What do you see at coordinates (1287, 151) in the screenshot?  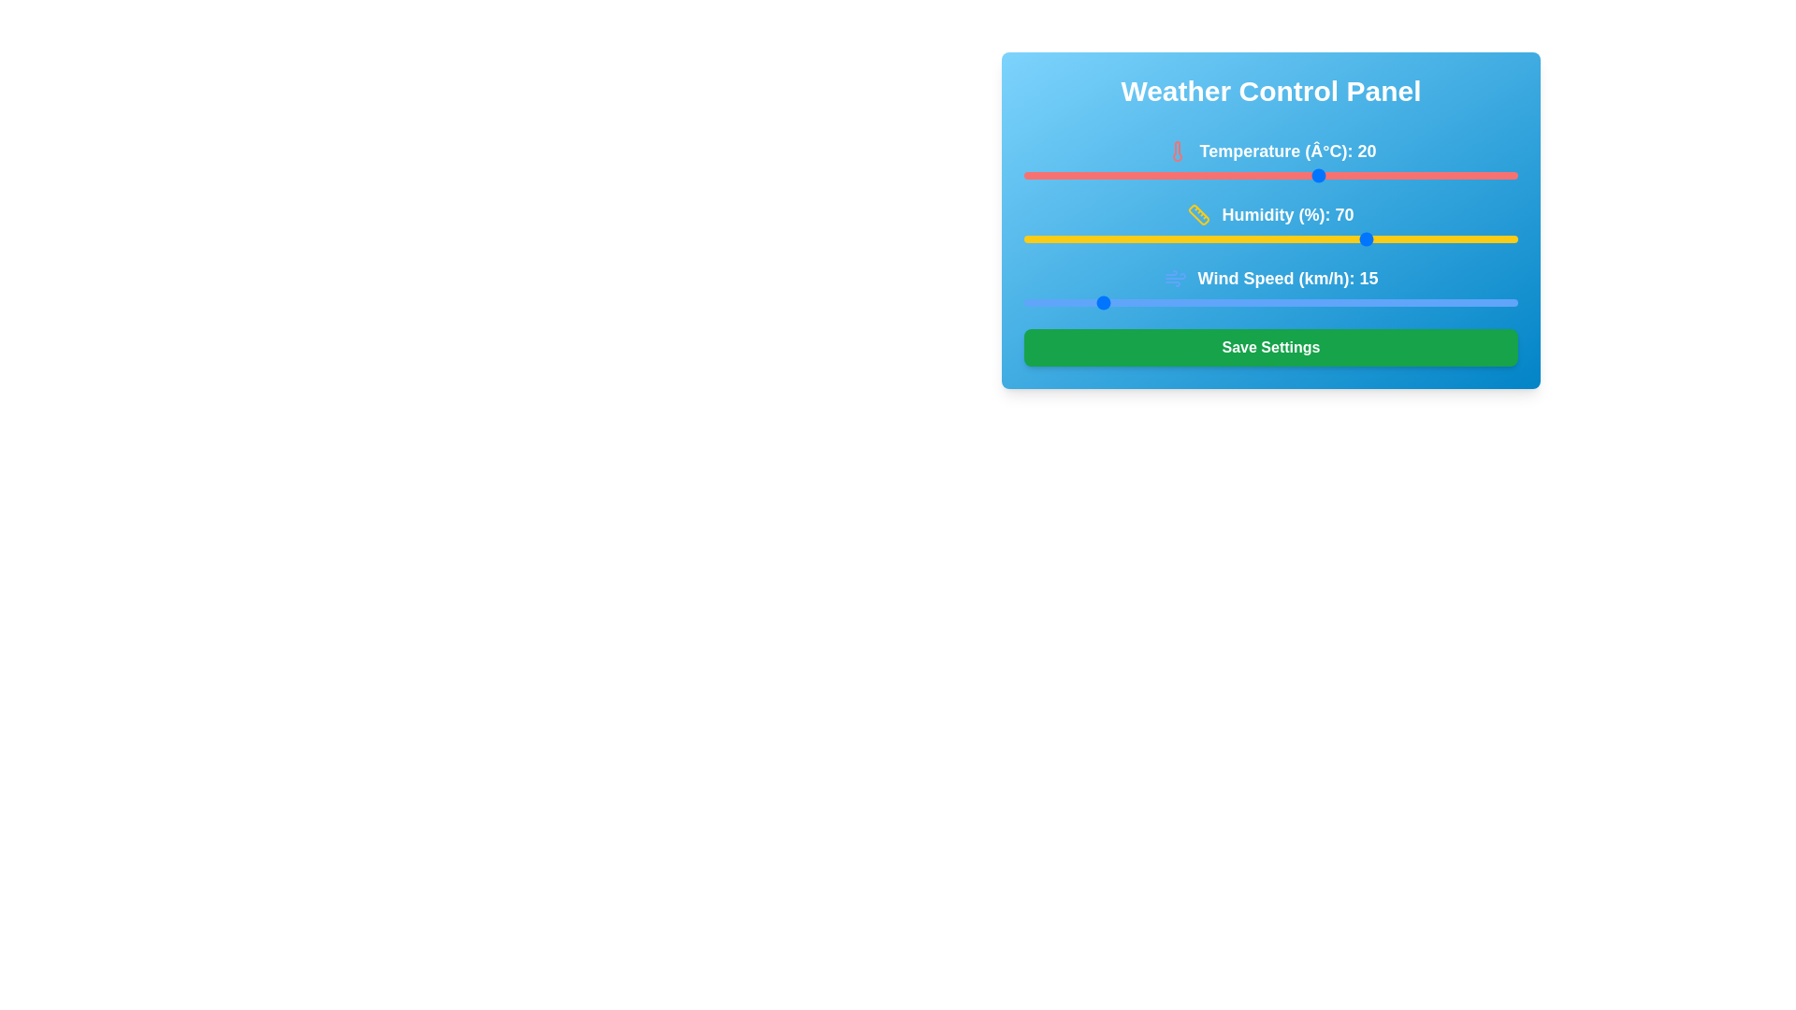 I see `the Text Label displaying the current temperature value in degrees Celsius in the Weather Control Panel interface` at bounding box center [1287, 151].